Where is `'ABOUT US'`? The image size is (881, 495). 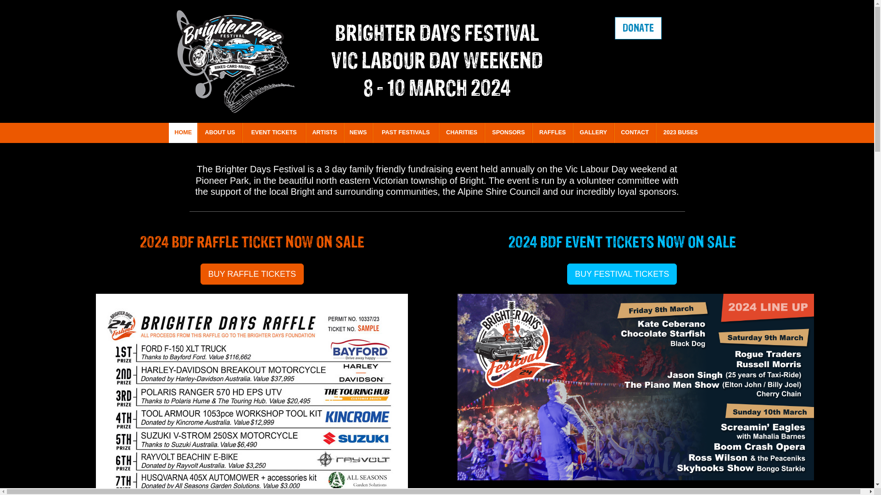 'ABOUT US' is located at coordinates (219, 132).